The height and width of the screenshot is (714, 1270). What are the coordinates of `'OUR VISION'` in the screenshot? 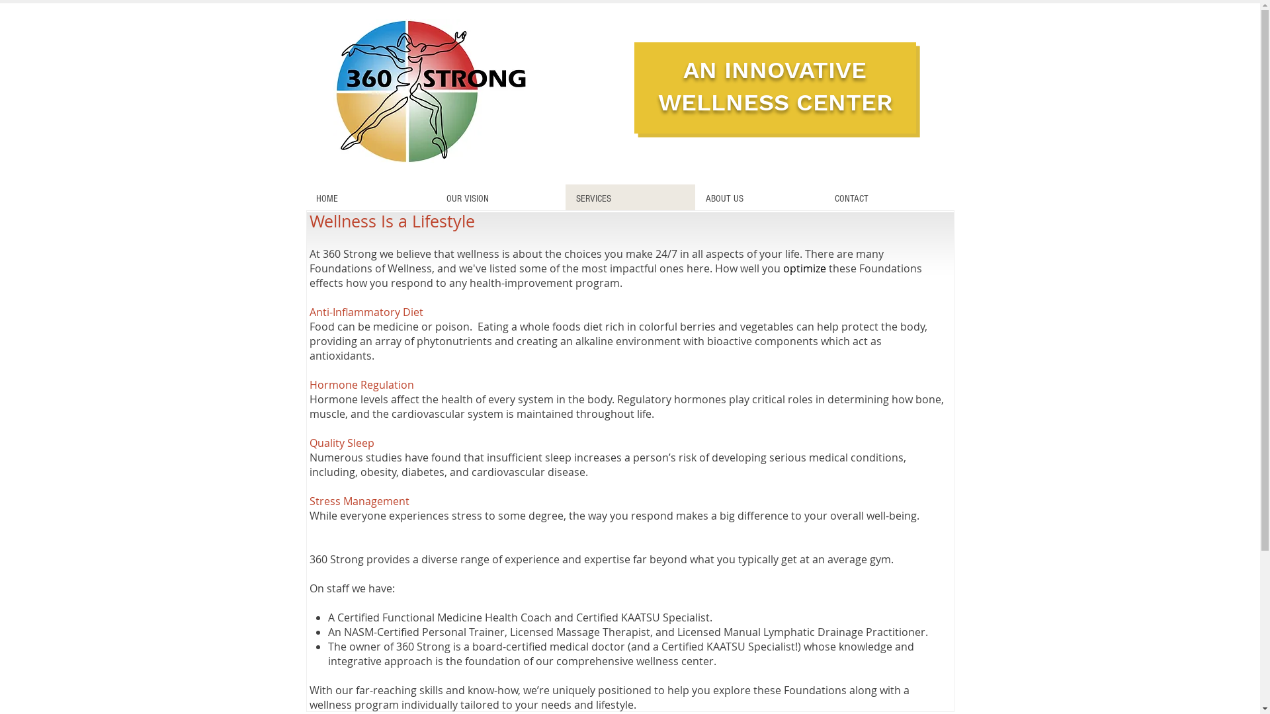 It's located at (499, 198).